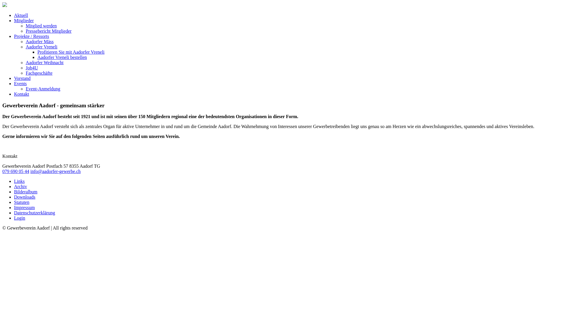  I want to click on 'Event-Anmeldung', so click(43, 89).